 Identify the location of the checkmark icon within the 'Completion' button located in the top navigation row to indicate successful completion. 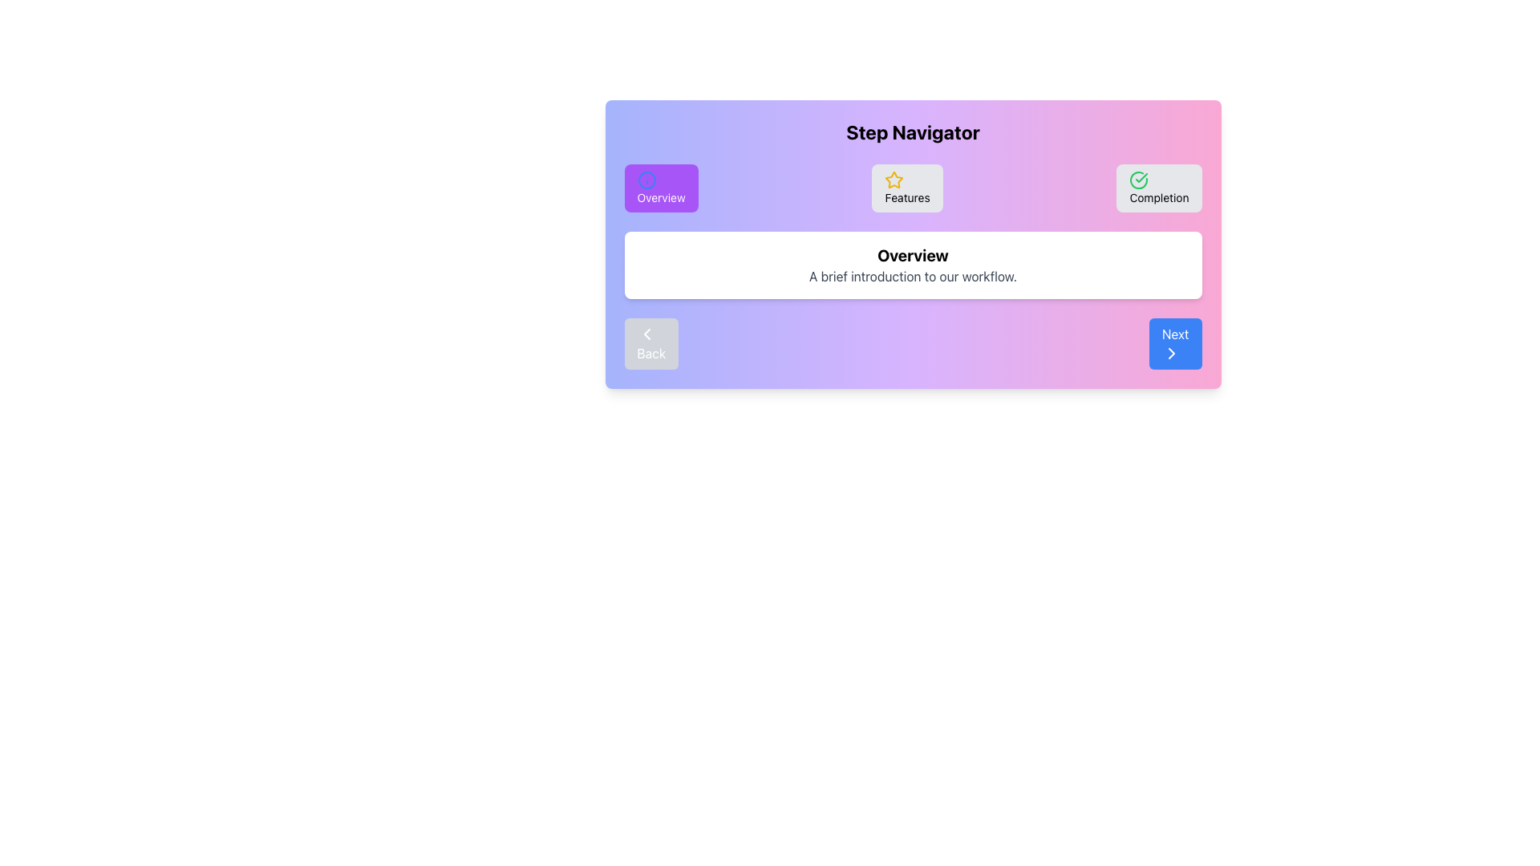
(1138, 180).